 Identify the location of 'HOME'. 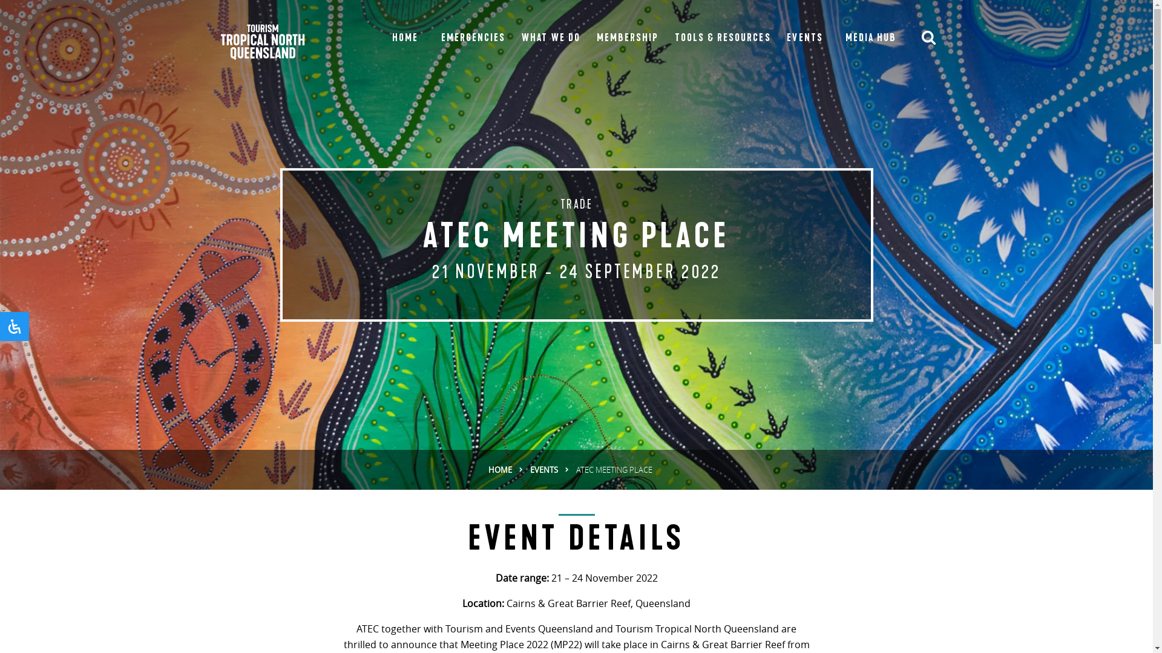
(405, 37).